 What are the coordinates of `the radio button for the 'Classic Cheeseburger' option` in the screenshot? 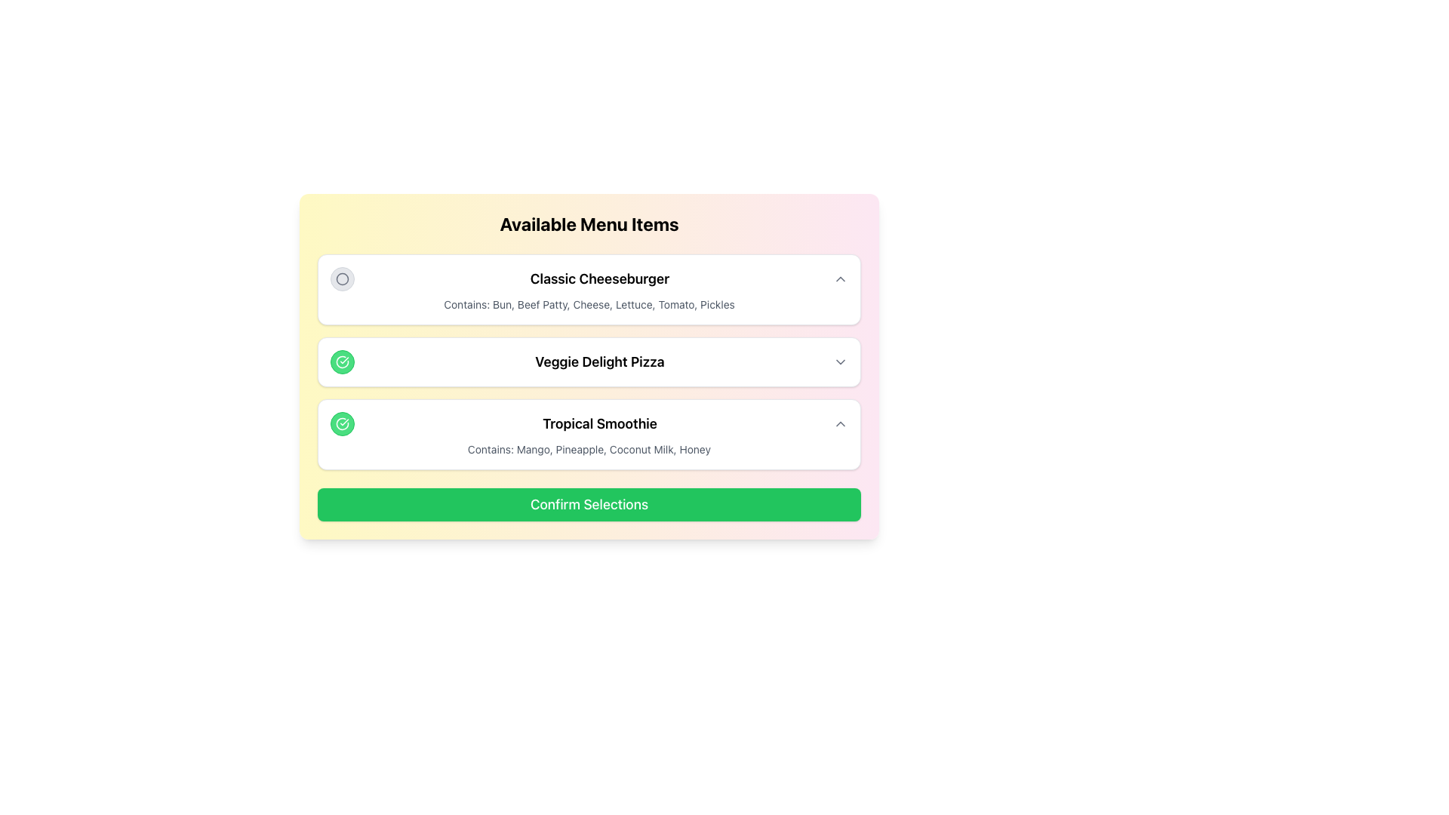 It's located at (342, 279).